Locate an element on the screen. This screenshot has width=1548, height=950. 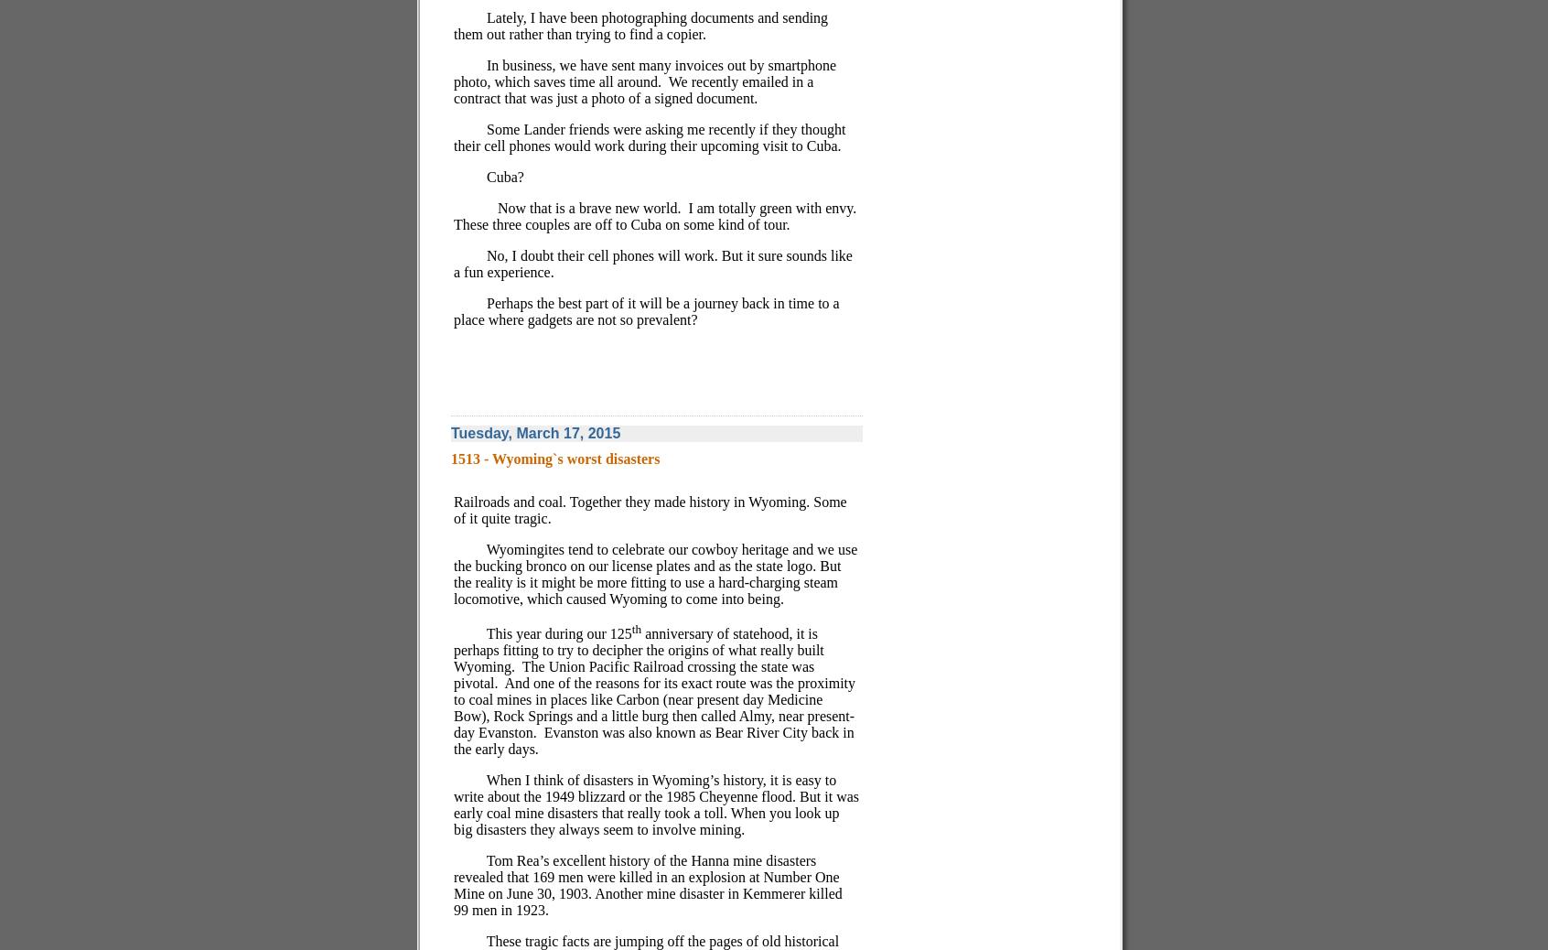
'Perhaps the
best part of it will be a journey back in time to a place where gadgets are not
so prevalent?' is located at coordinates (645, 311).